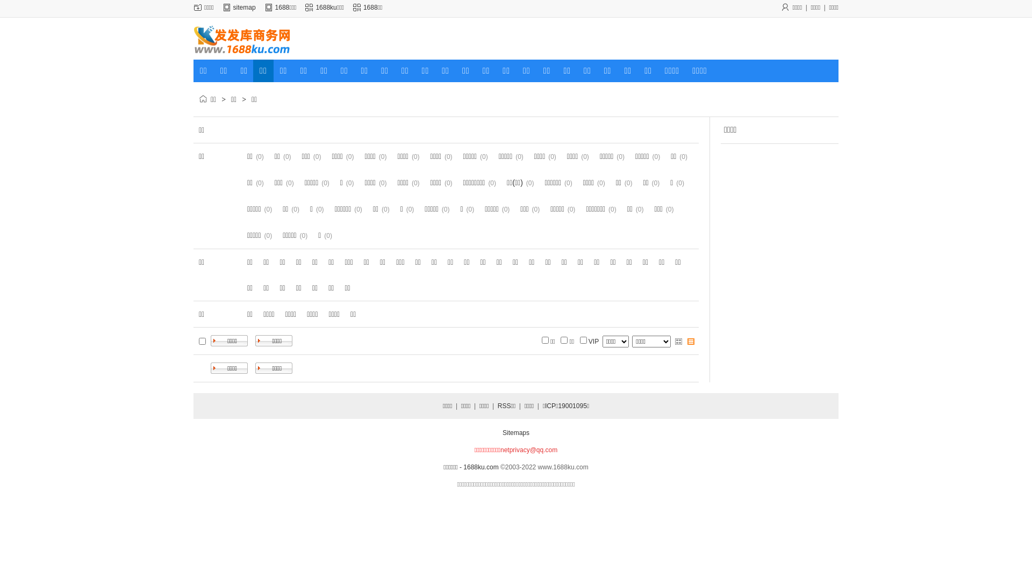 This screenshot has height=580, width=1032. I want to click on 'Sitemaps', so click(516, 432).